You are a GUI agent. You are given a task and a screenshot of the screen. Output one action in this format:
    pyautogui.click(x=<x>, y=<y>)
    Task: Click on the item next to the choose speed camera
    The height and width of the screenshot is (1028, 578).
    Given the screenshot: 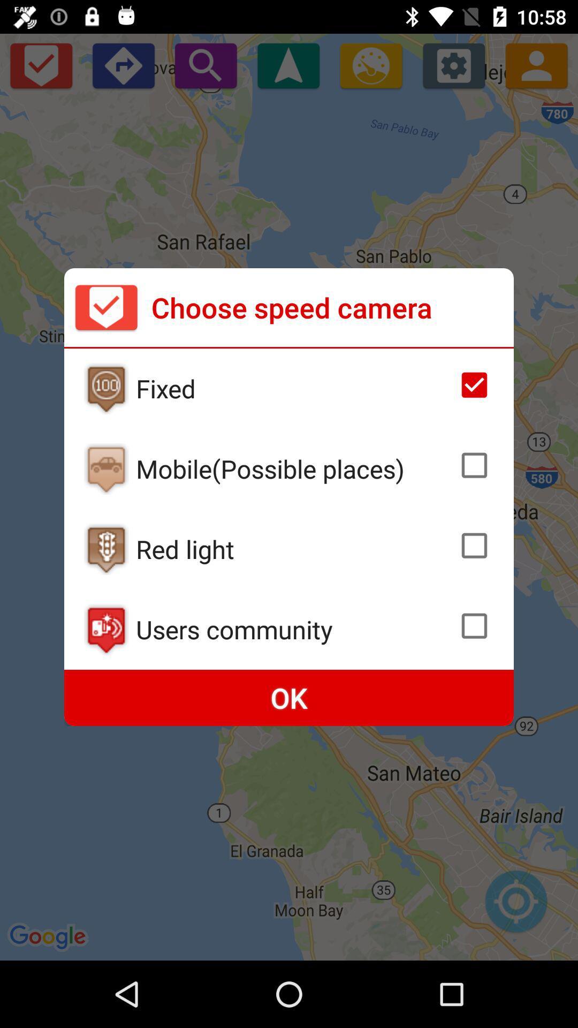 What is the action you would take?
    pyautogui.click(x=106, y=307)
    